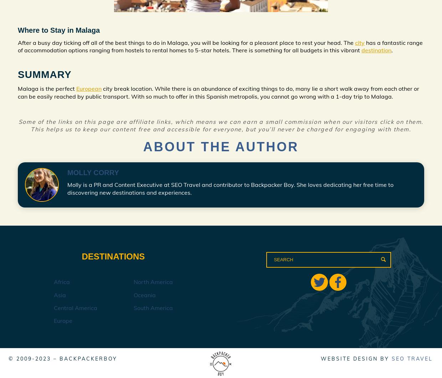 This screenshot has width=442, height=378. I want to click on '.', so click(392, 50).